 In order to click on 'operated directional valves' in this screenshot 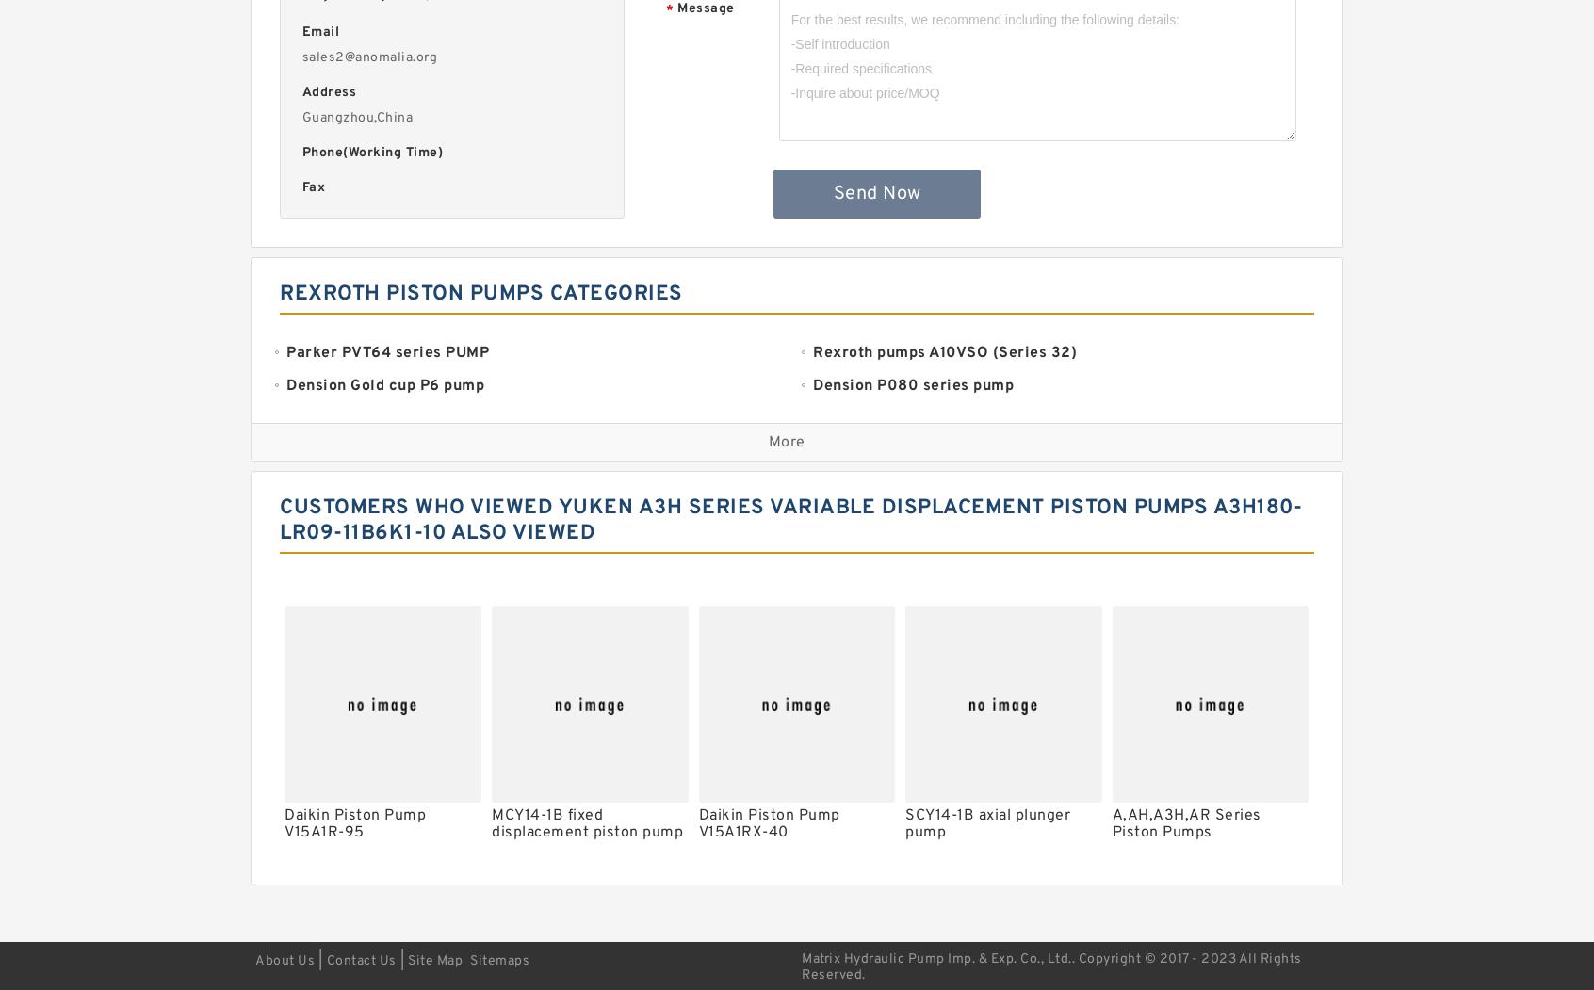, I will do `click(811, 847)`.